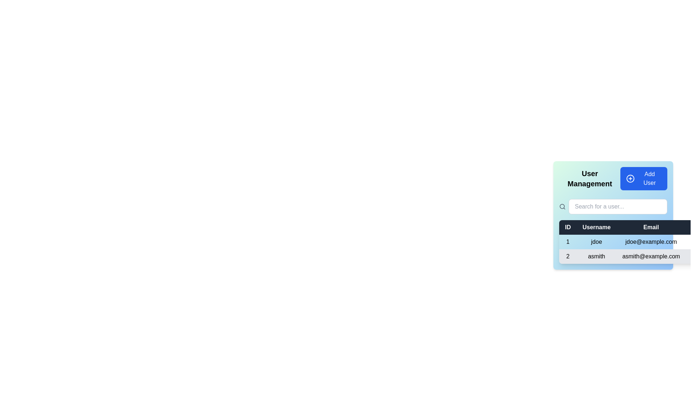 The height and width of the screenshot is (393, 699). What do you see at coordinates (643, 178) in the screenshot?
I see `the 'Add User' button located in the top-right section of the 'User Management' header to initiate the 'Add User' function` at bounding box center [643, 178].